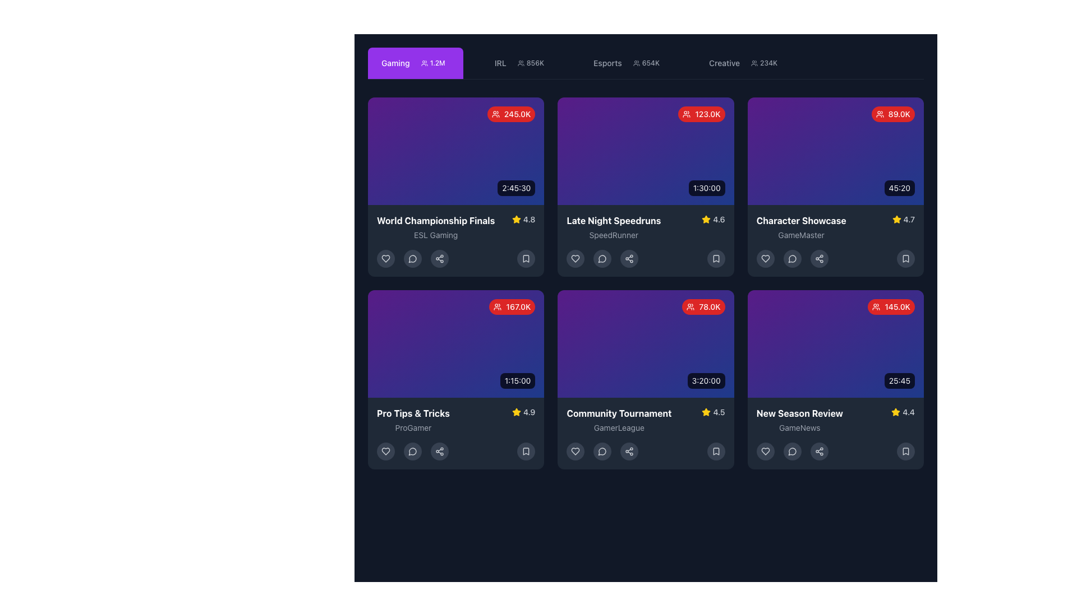  What do you see at coordinates (517, 114) in the screenshot?
I see `numeric value displayed in the text label at the top-right corner of the 'World Championship Finals' card, which indicates the count of live viewers or participants` at bounding box center [517, 114].